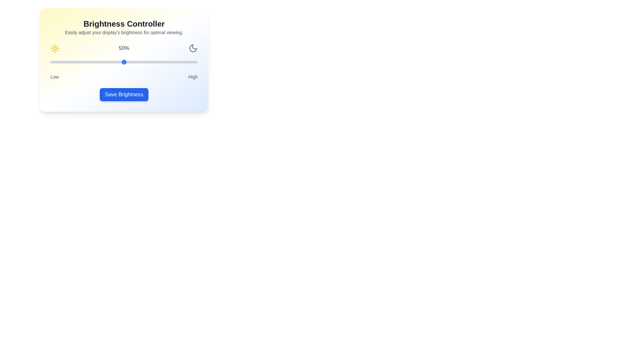 The image size is (632, 355). Describe the element at coordinates (123, 95) in the screenshot. I see `the 'Save Brightness' button` at that location.